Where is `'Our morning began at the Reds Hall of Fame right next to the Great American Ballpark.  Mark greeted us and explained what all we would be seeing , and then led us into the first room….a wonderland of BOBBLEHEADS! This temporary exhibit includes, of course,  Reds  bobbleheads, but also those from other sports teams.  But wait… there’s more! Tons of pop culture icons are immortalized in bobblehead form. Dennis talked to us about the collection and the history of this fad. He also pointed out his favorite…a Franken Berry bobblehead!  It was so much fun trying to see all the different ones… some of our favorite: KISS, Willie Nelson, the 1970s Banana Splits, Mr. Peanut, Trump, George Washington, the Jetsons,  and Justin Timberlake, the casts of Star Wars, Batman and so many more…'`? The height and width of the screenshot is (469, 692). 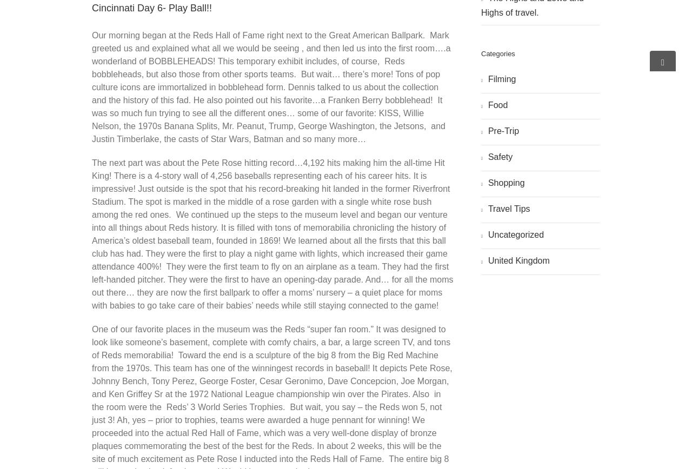 'Our morning began at the Reds Hall of Fame right next to the Great American Ballpark.  Mark greeted us and explained what all we would be seeing , and then led us into the first room….a wonderland of BOBBLEHEADS! This temporary exhibit includes, of course,  Reds  bobbleheads, but also those from other sports teams.  But wait… there’s more! Tons of pop culture icons are immortalized in bobblehead form. Dennis talked to us about the collection and the history of this fad. He also pointed out his favorite…a Franken Berry bobblehead!  It was so much fun trying to see all the different ones… some of our favorite: KISS, Willie Nelson, the 1970s Banana Splits, Mr. Peanut, Trump, George Washington, the Jetsons,  and Justin Timberlake, the casts of Star Wars, Batman and so many more…' is located at coordinates (271, 86).